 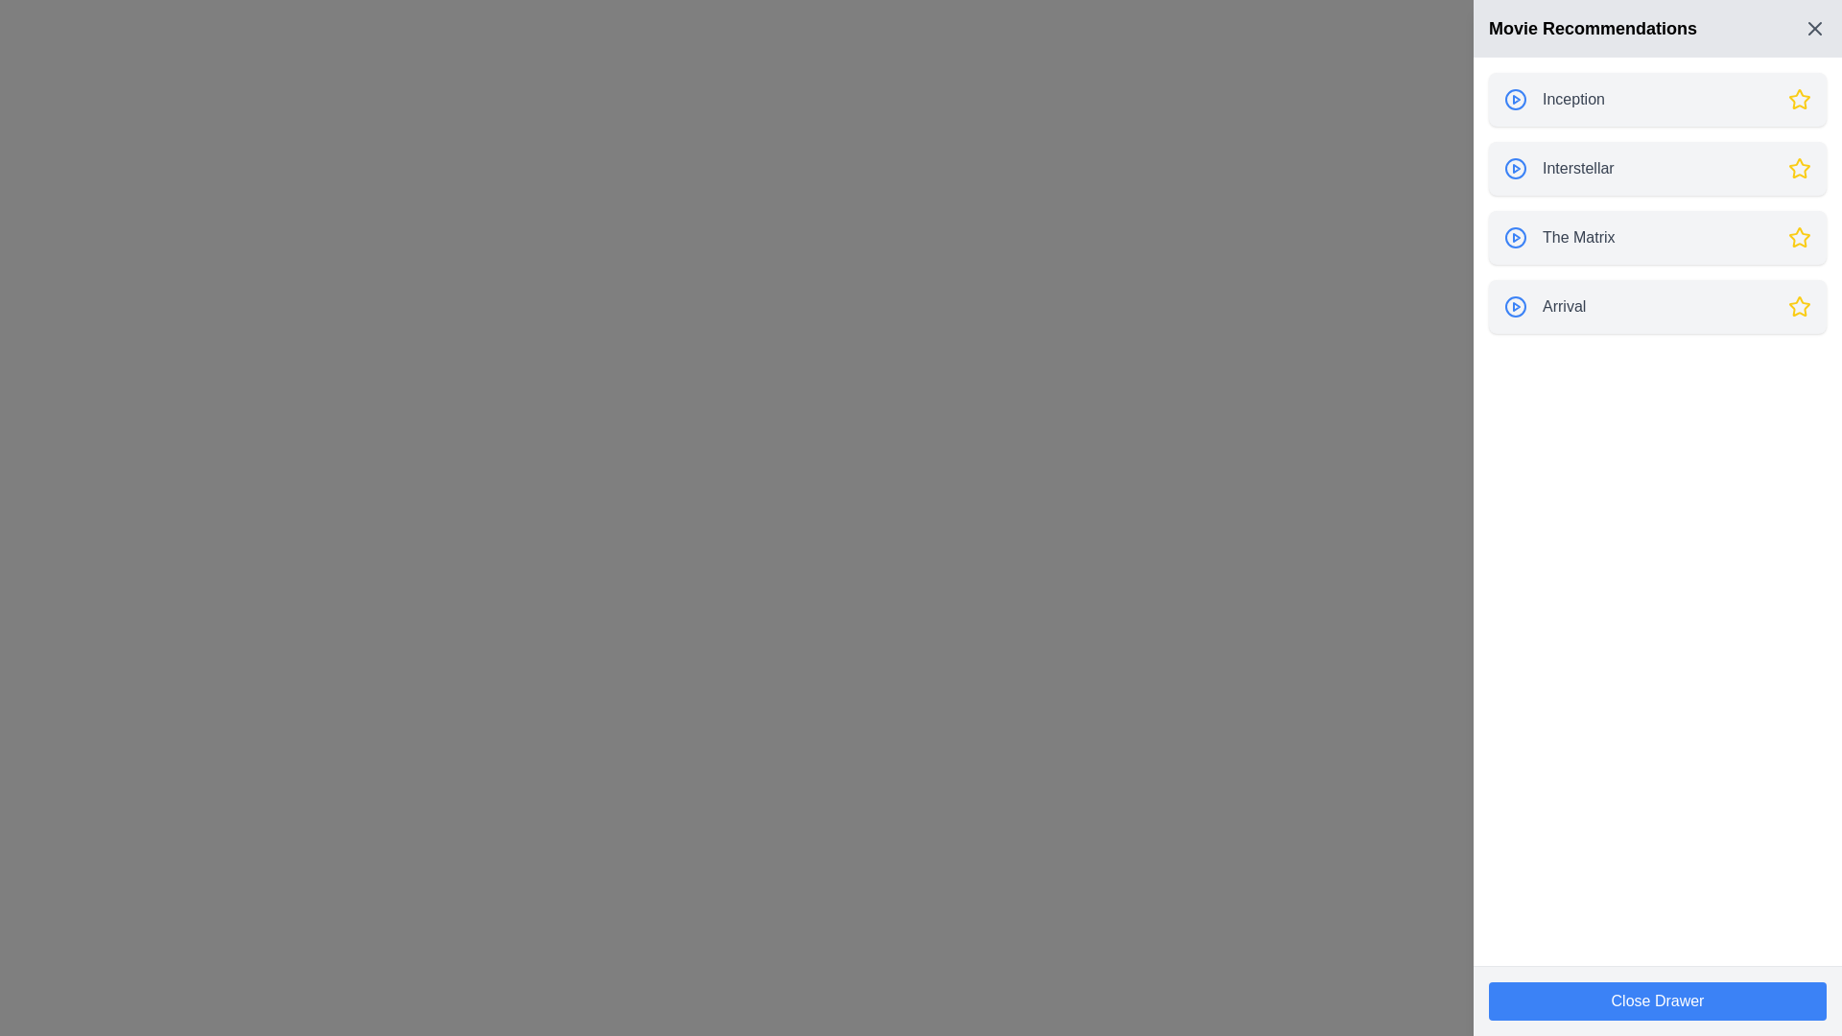 I want to click on the fourth star-shaped icon with a yellow fill and white border, associated with the movie 'The Matrix', to possibly view related actions, so click(x=1799, y=236).